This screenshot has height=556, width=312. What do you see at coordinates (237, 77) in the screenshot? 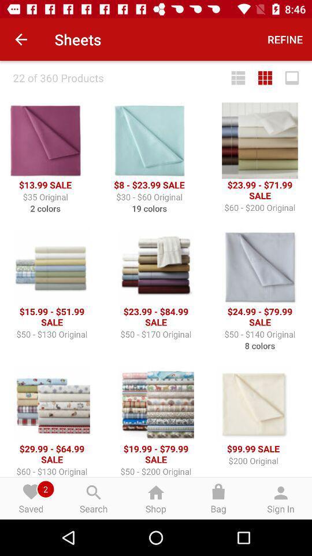
I see `item to the right of 22 of 360 icon` at bounding box center [237, 77].